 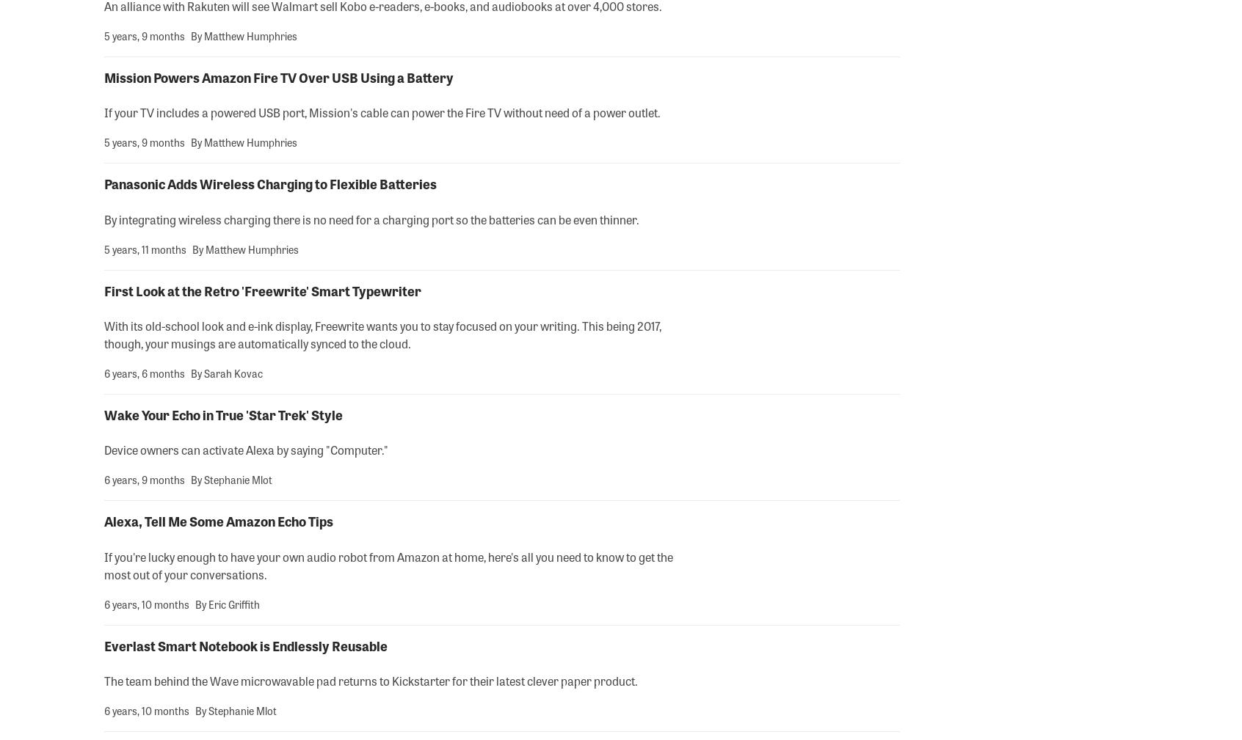 I want to click on 'Device owners can activate Alexa by saying "Computer."', so click(x=245, y=450).